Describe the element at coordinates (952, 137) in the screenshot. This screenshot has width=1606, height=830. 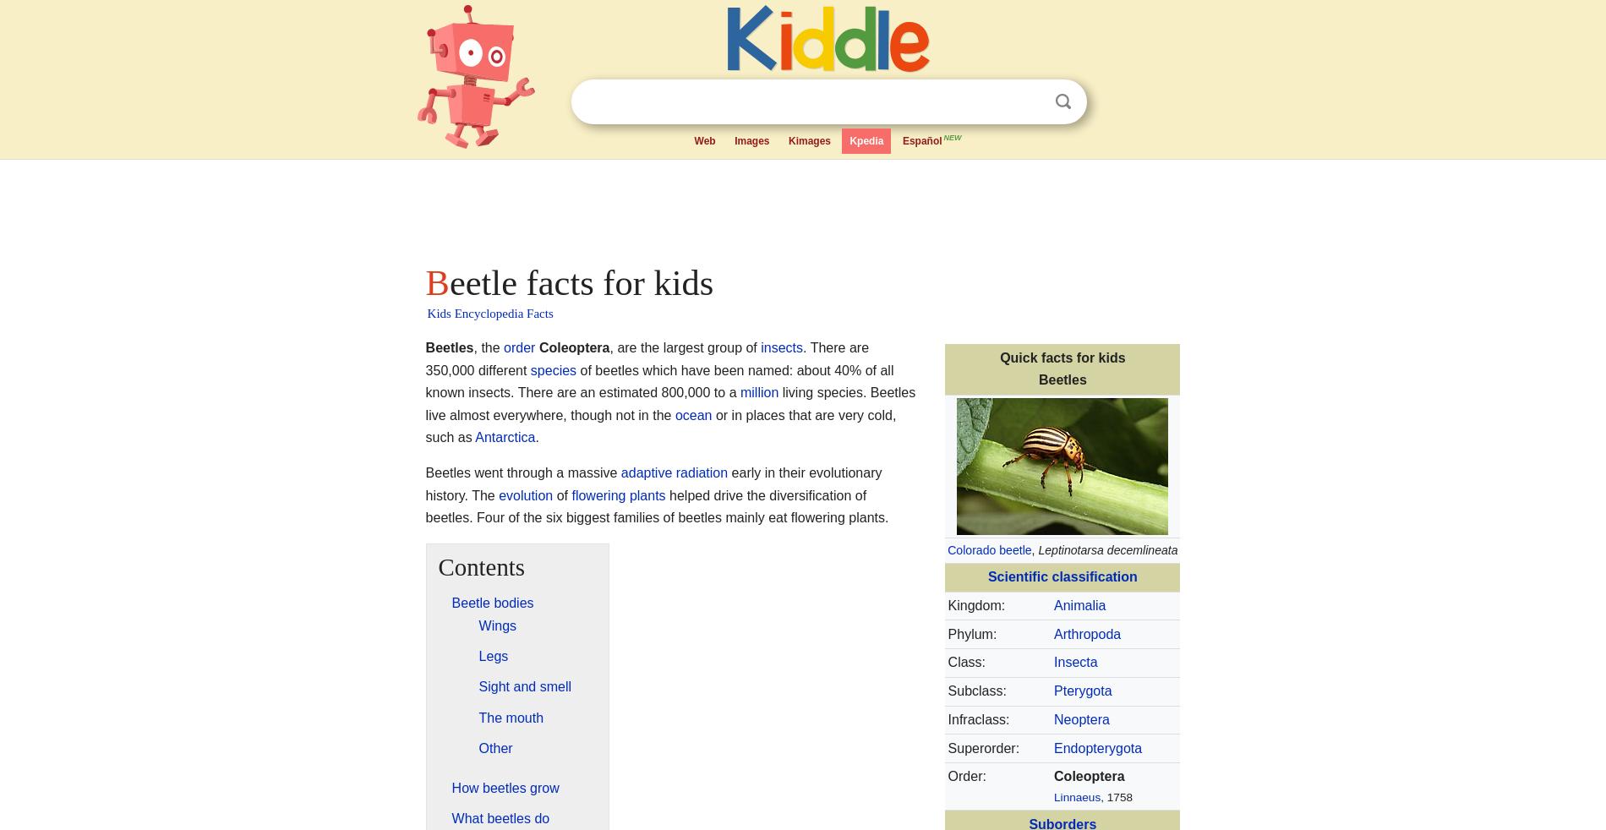
I see `'NEW'` at that location.